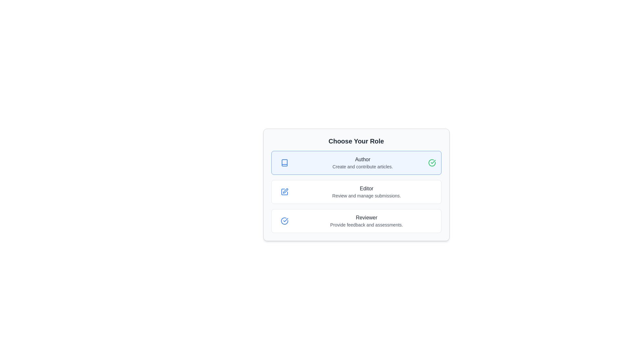 Image resolution: width=621 pixels, height=349 pixels. What do you see at coordinates (366, 220) in the screenshot?
I see `the 'Reviewer' role label text block that provides context with 'Provide feedback and assessments.'` at bounding box center [366, 220].